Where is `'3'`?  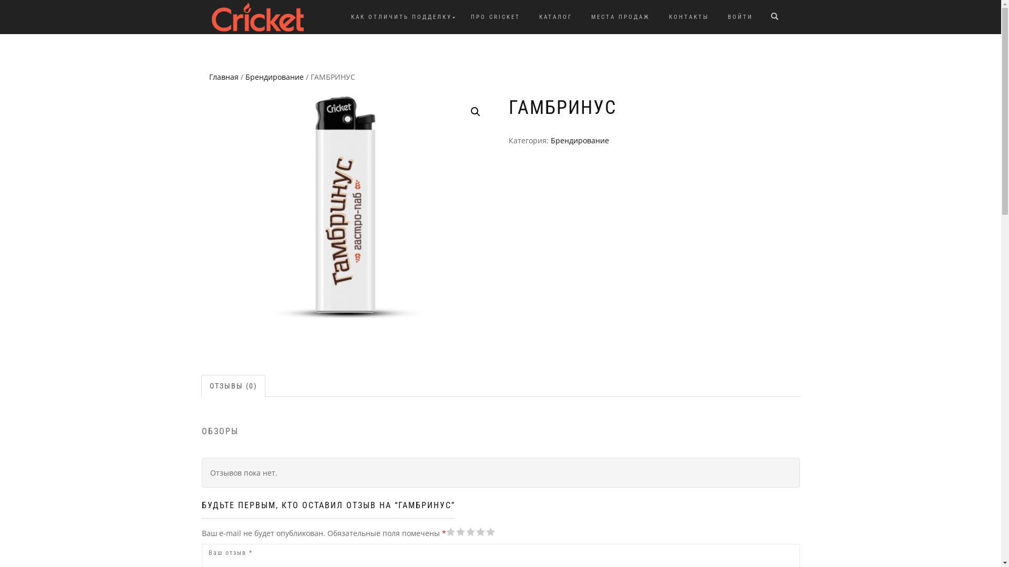
'3' is located at coordinates (459, 532).